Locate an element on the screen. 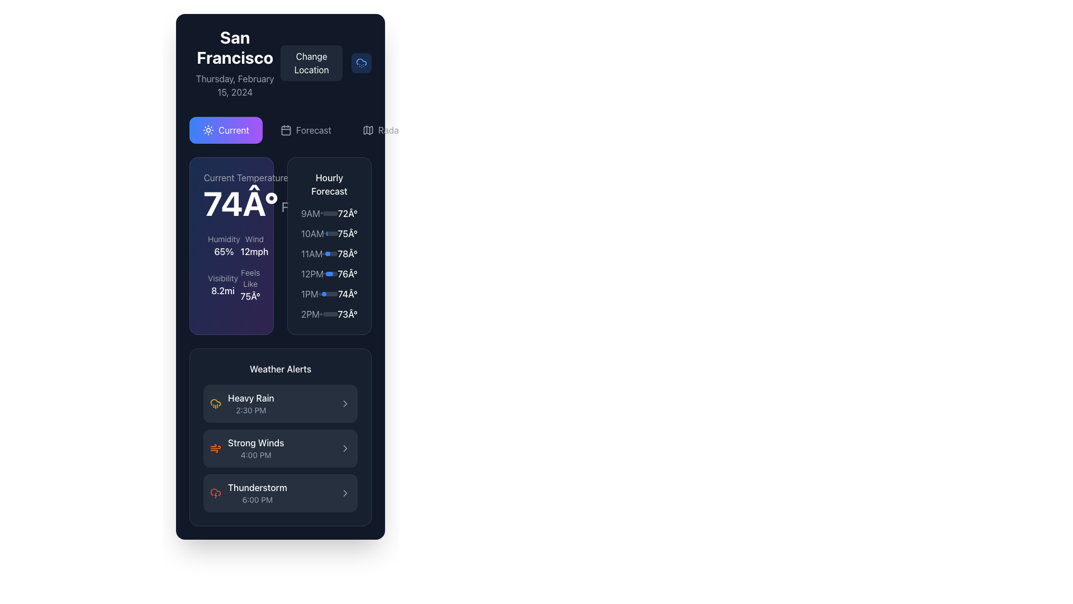 Image resolution: width=1073 pixels, height=604 pixels. the 'Visibility' label displayed in light gray font, located in the 'Current Temperature' section above the '8.2mi' value is located at coordinates (222, 277).